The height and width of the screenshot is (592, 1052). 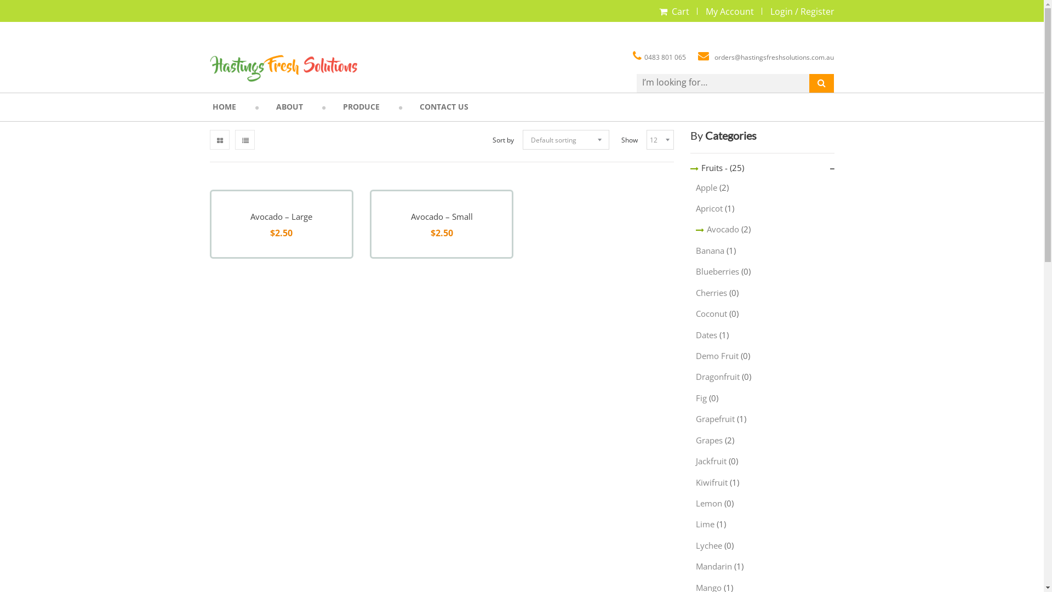 What do you see at coordinates (695, 271) in the screenshot?
I see `'Blueberries'` at bounding box center [695, 271].